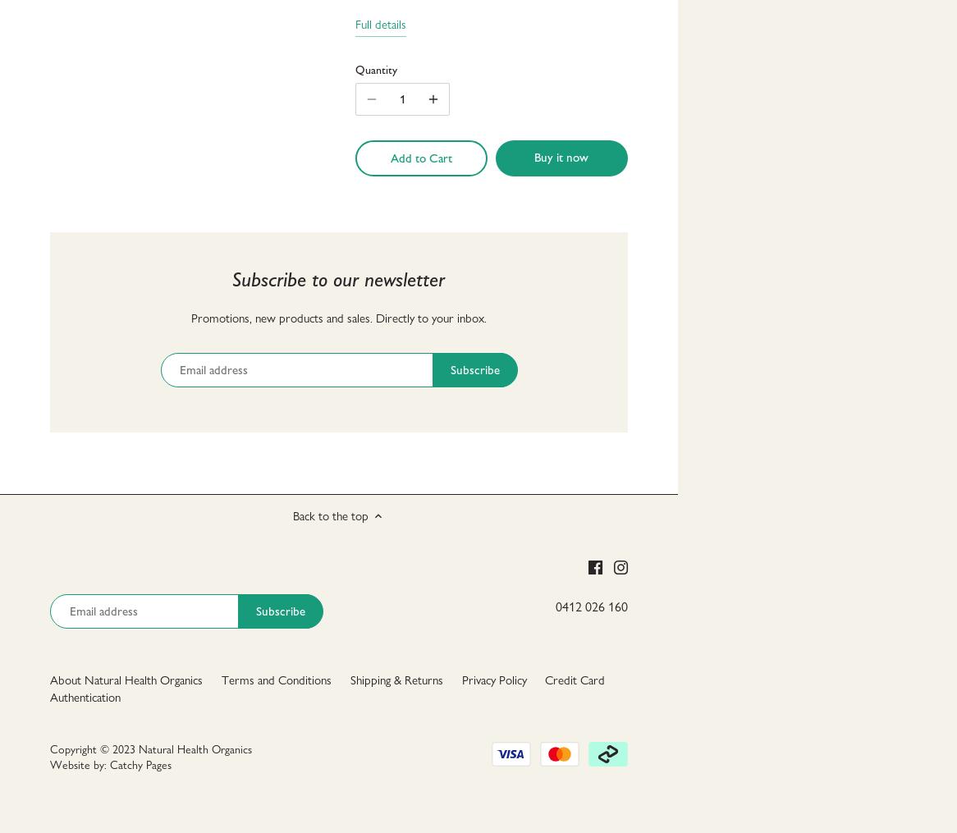 The image size is (957, 833). What do you see at coordinates (349, 680) in the screenshot?
I see `'Shipping & Returns'` at bounding box center [349, 680].